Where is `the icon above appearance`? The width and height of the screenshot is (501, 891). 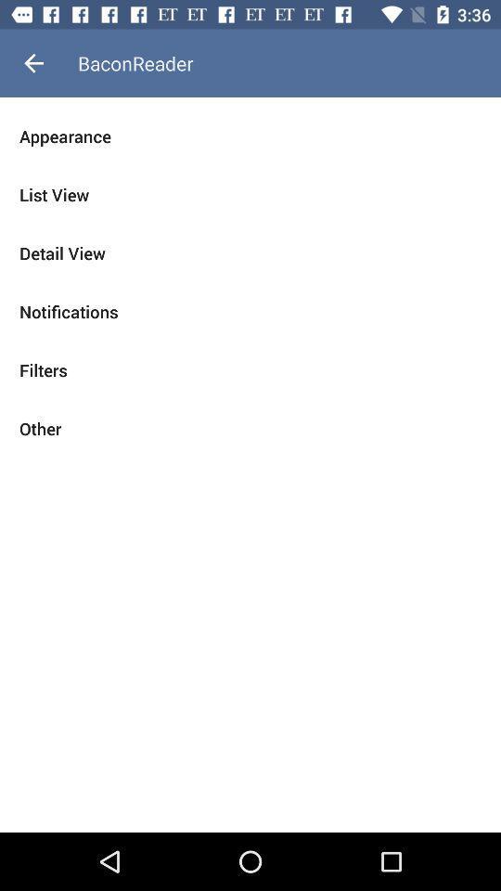
the icon above appearance is located at coordinates (33, 63).